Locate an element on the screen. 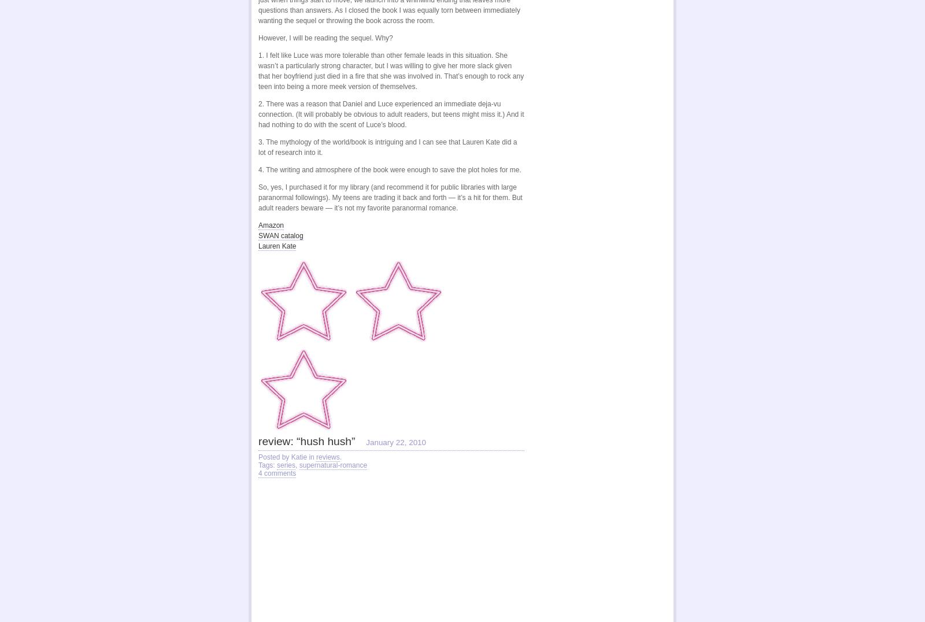 This screenshot has width=925, height=622. '.' is located at coordinates (339, 454).